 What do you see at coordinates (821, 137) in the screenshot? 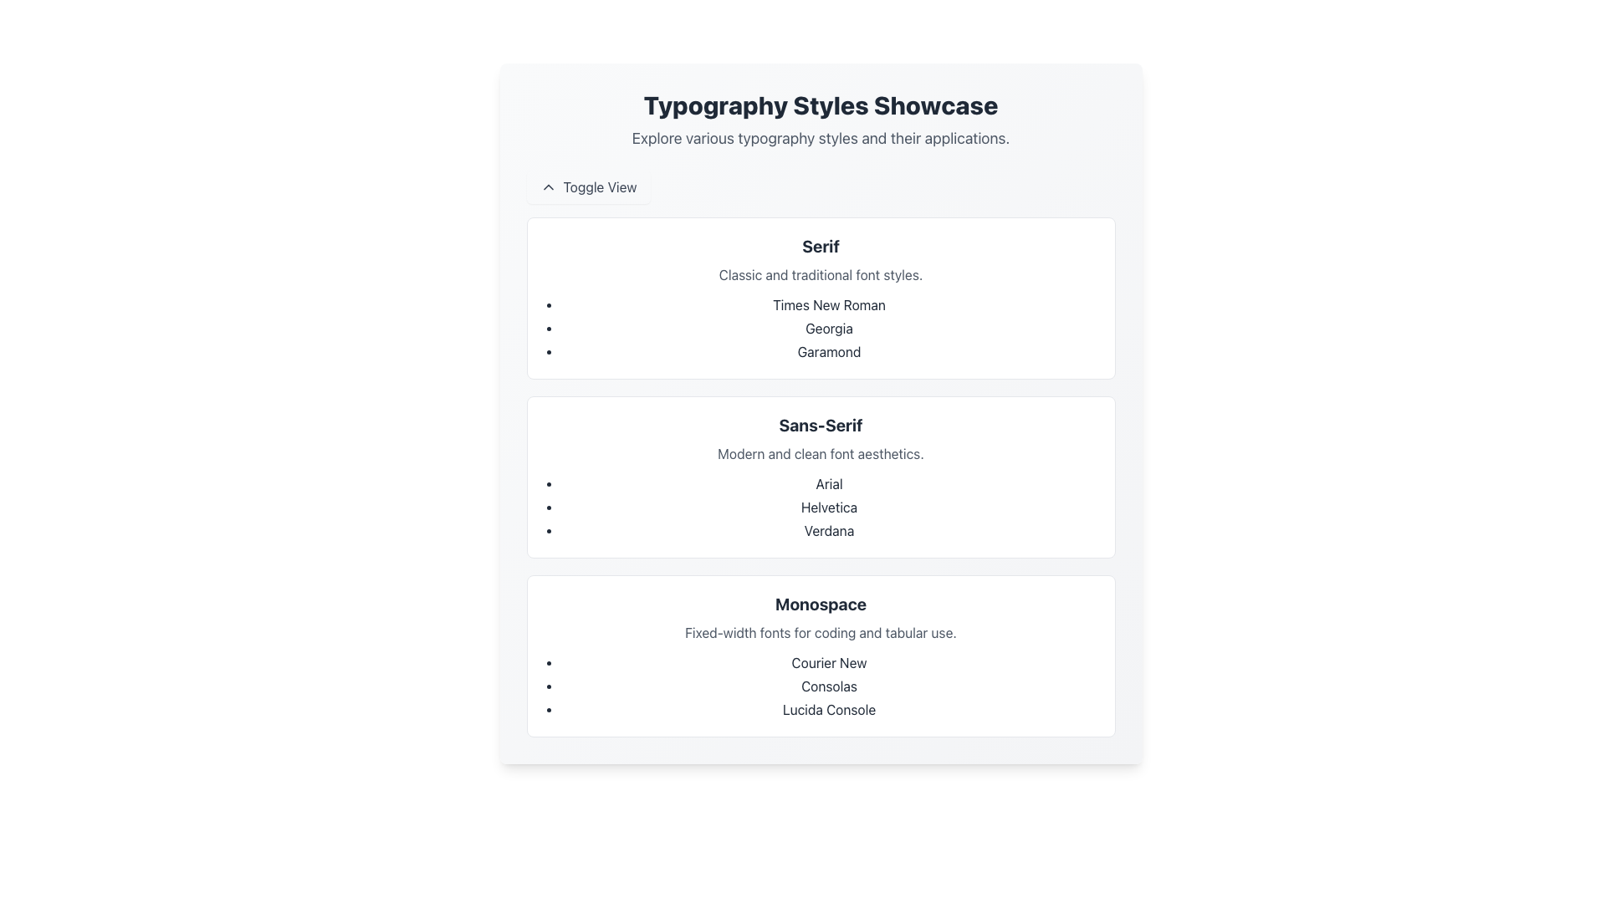
I see `the text block element that reads 'Explore various typography styles and their applications.' which is styled in light gray and positioned beneath the header 'Typography Styles Showcase'` at bounding box center [821, 137].